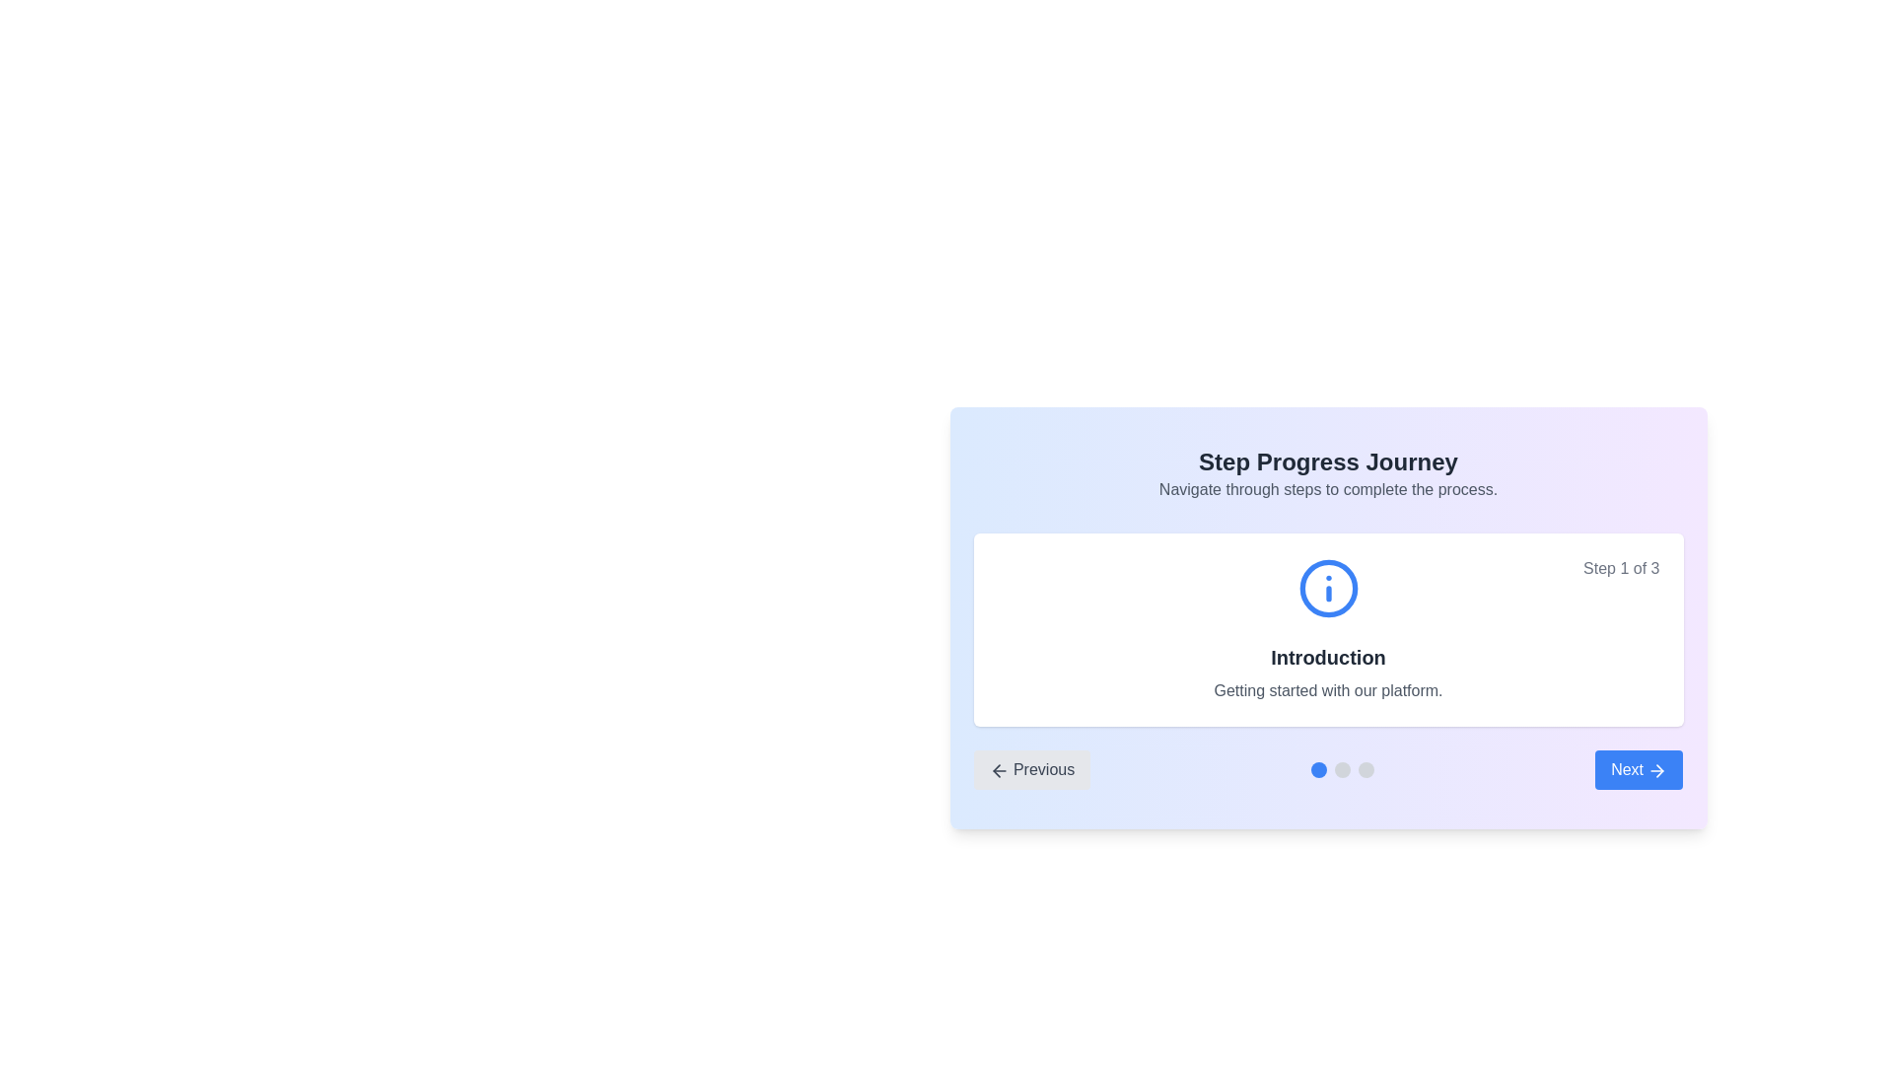 The image size is (1893, 1065). Describe the element at coordinates (1342, 768) in the screenshot. I see `the second gray step progress circle located below the main content area of the panel to change the step` at that location.